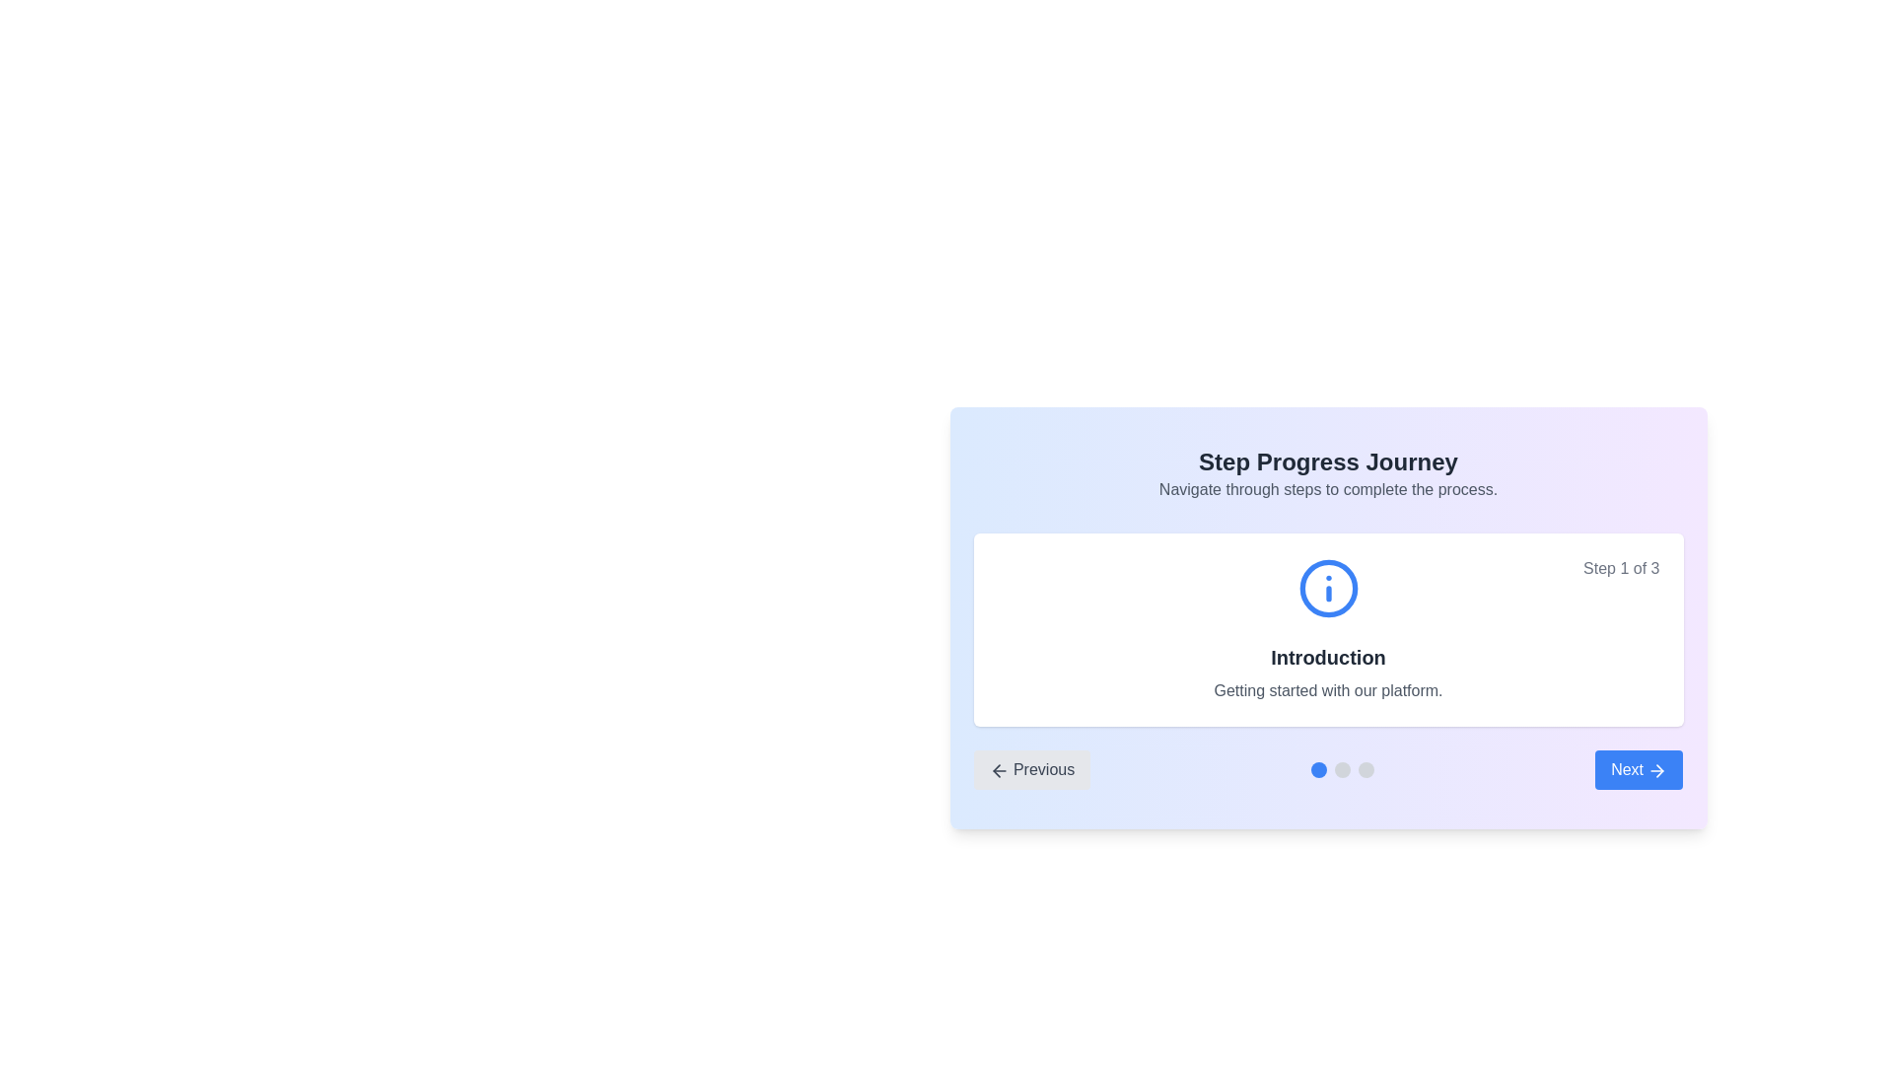 The image size is (1893, 1065). Describe the element at coordinates (1342, 768) in the screenshot. I see `the second gray step progress circle located below the main content area of the panel to change the step` at that location.